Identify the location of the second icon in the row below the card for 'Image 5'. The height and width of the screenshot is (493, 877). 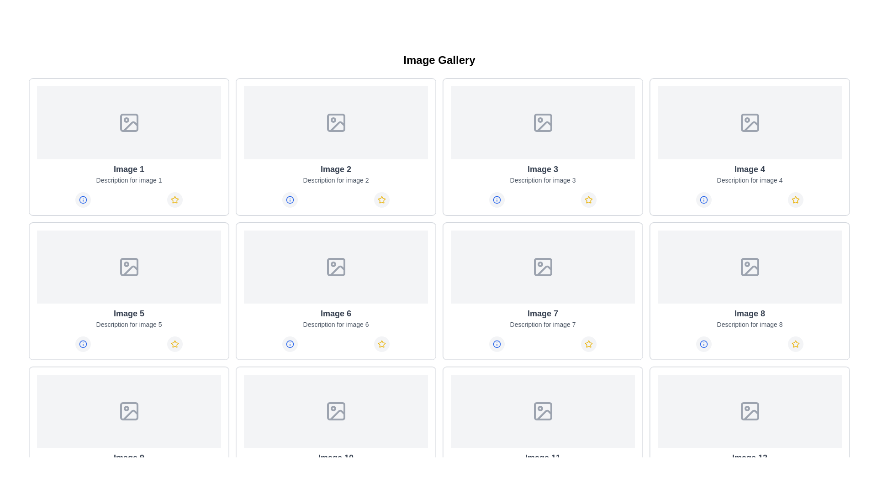
(175, 344).